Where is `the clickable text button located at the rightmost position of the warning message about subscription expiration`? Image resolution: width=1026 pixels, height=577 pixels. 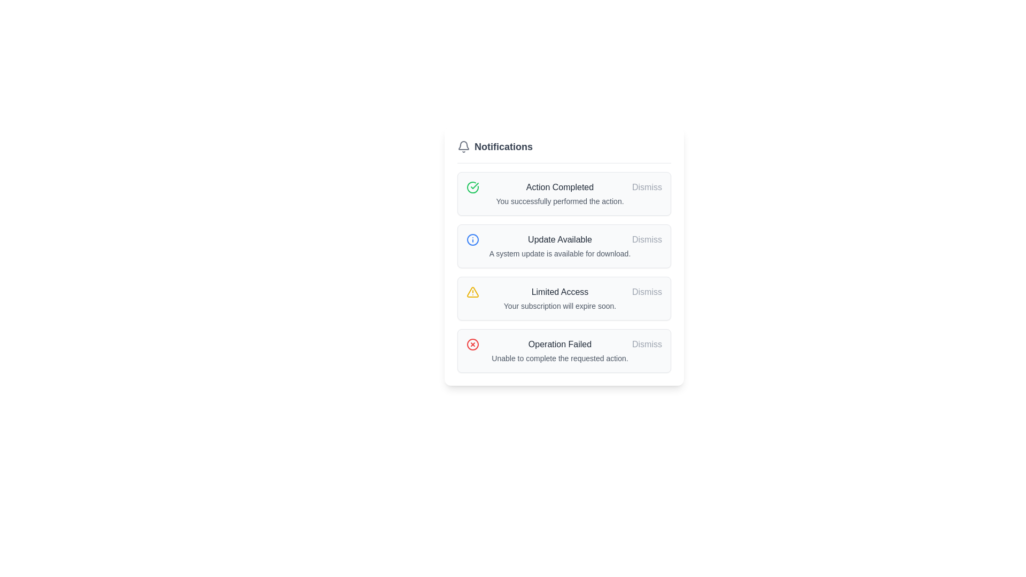 the clickable text button located at the rightmost position of the warning message about subscription expiration is located at coordinates (646, 292).